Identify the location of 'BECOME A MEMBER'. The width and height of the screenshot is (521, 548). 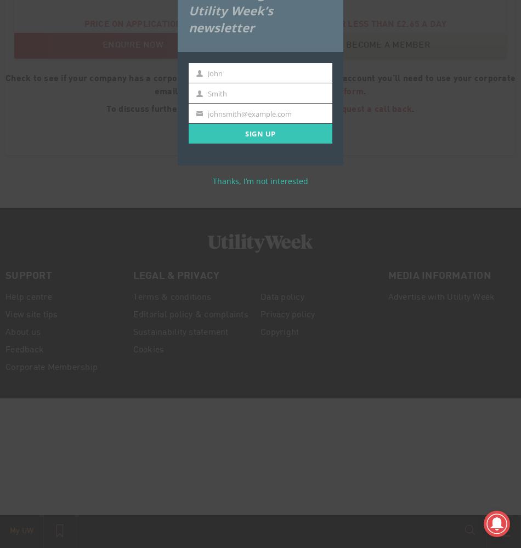
(387, 45).